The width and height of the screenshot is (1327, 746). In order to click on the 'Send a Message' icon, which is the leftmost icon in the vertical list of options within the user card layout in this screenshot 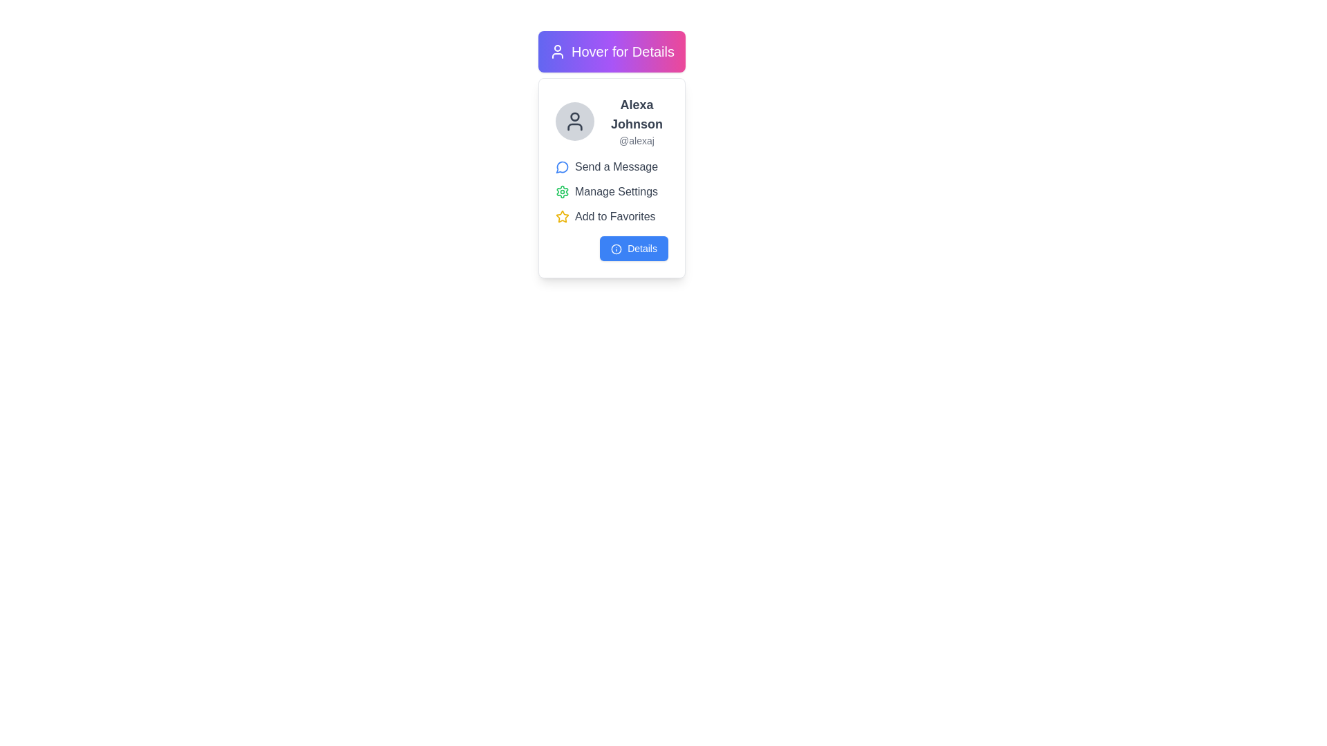, I will do `click(563, 166)`.